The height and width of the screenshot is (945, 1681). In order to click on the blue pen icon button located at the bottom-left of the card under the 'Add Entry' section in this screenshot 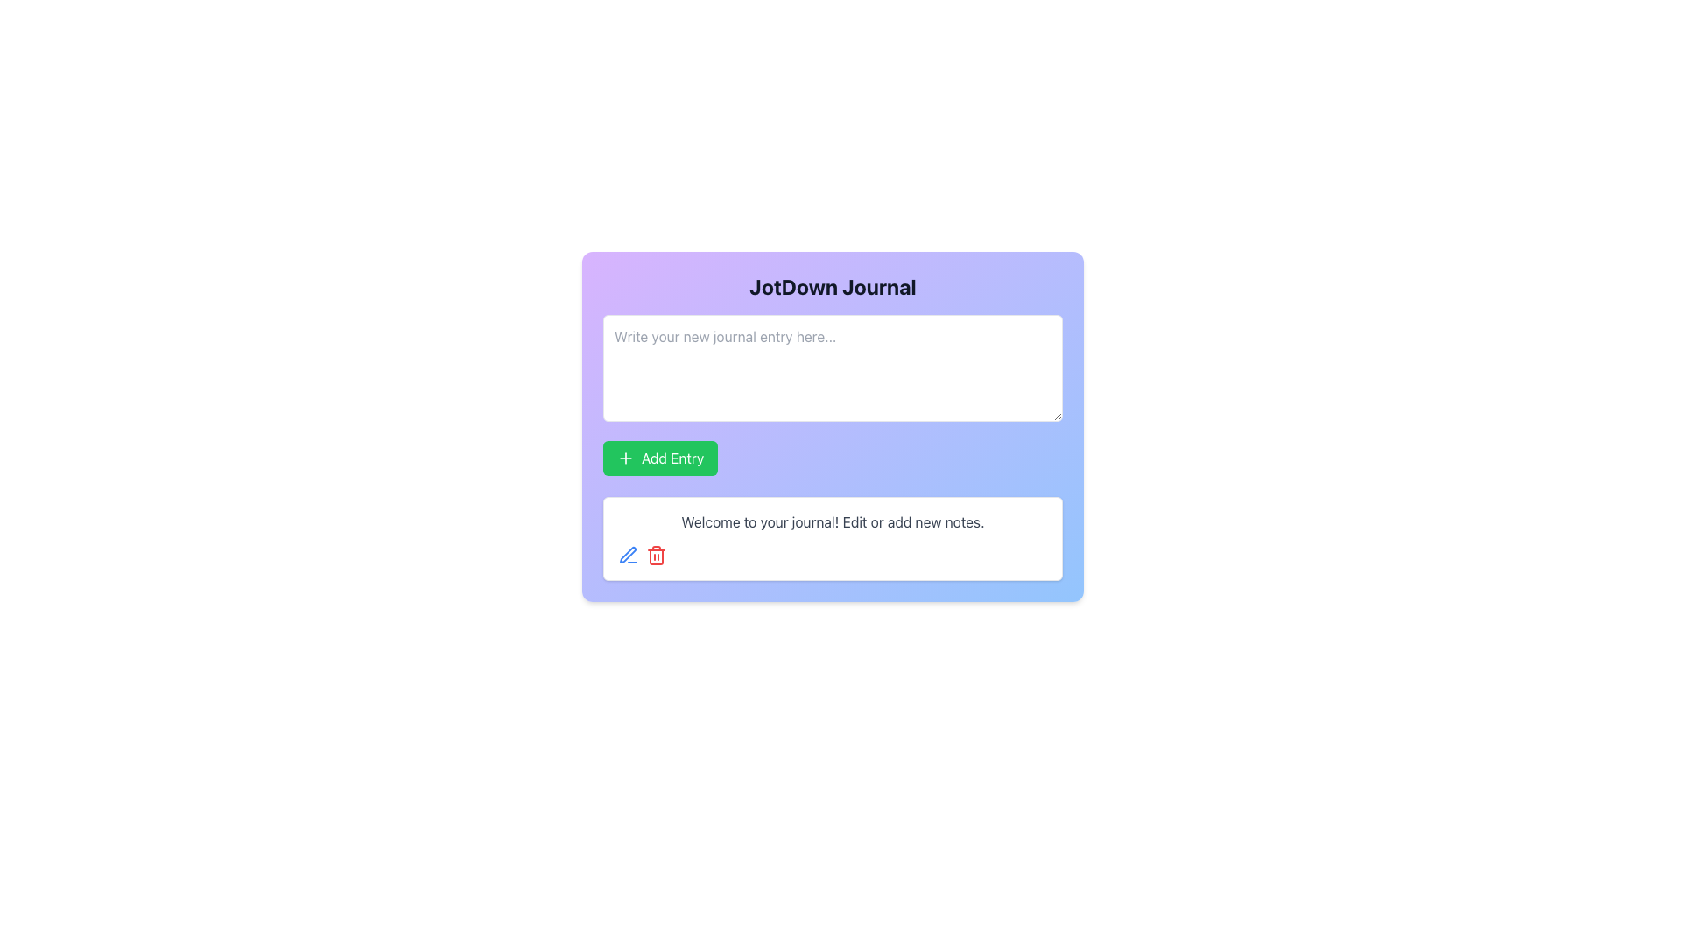, I will do `click(629, 554)`.